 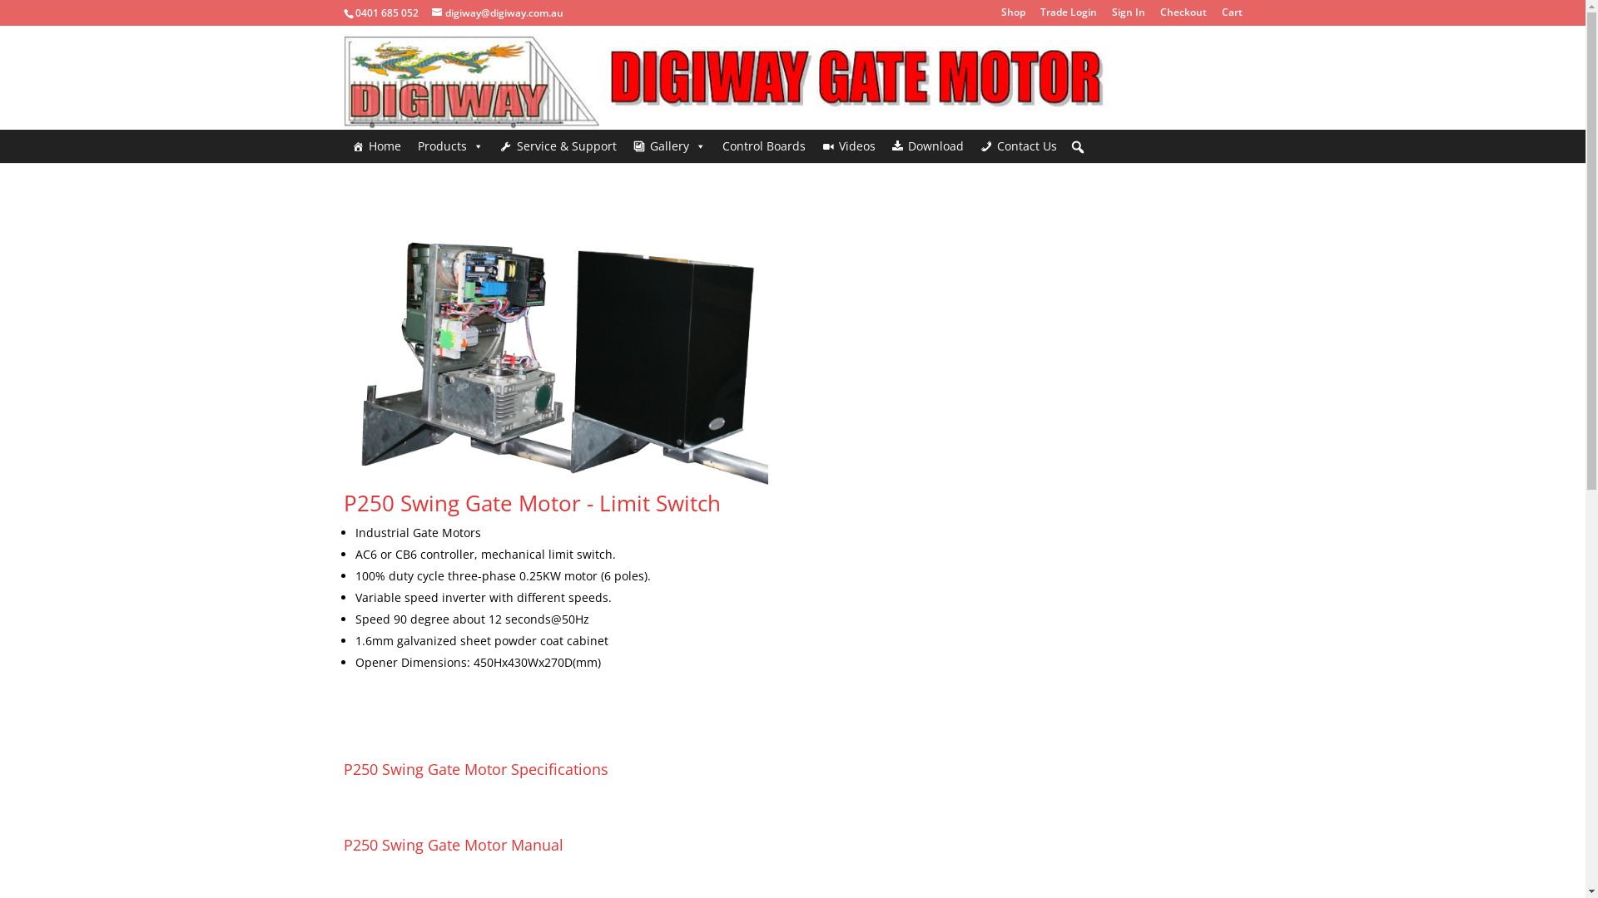 I want to click on 'Trade Login', so click(x=1068, y=16).